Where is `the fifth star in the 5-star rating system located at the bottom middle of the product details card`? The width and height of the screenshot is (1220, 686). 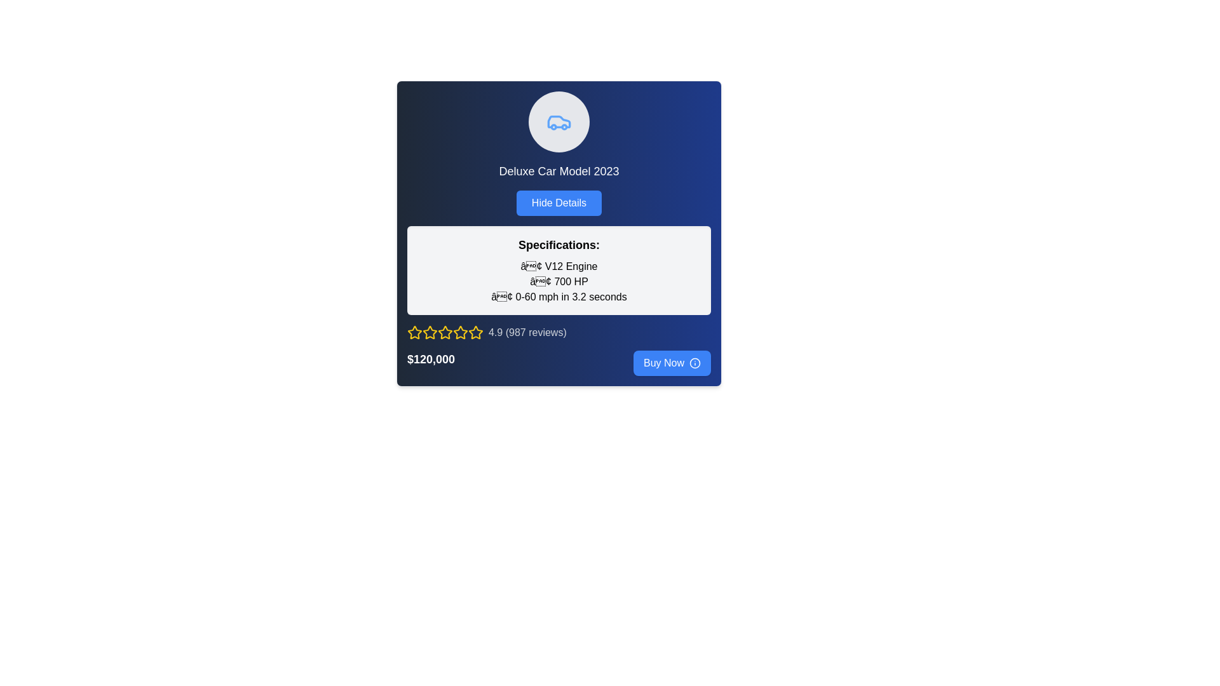
the fifth star in the 5-star rating system located at the bottom middle of the product details card is located at coordinates (445, 332).